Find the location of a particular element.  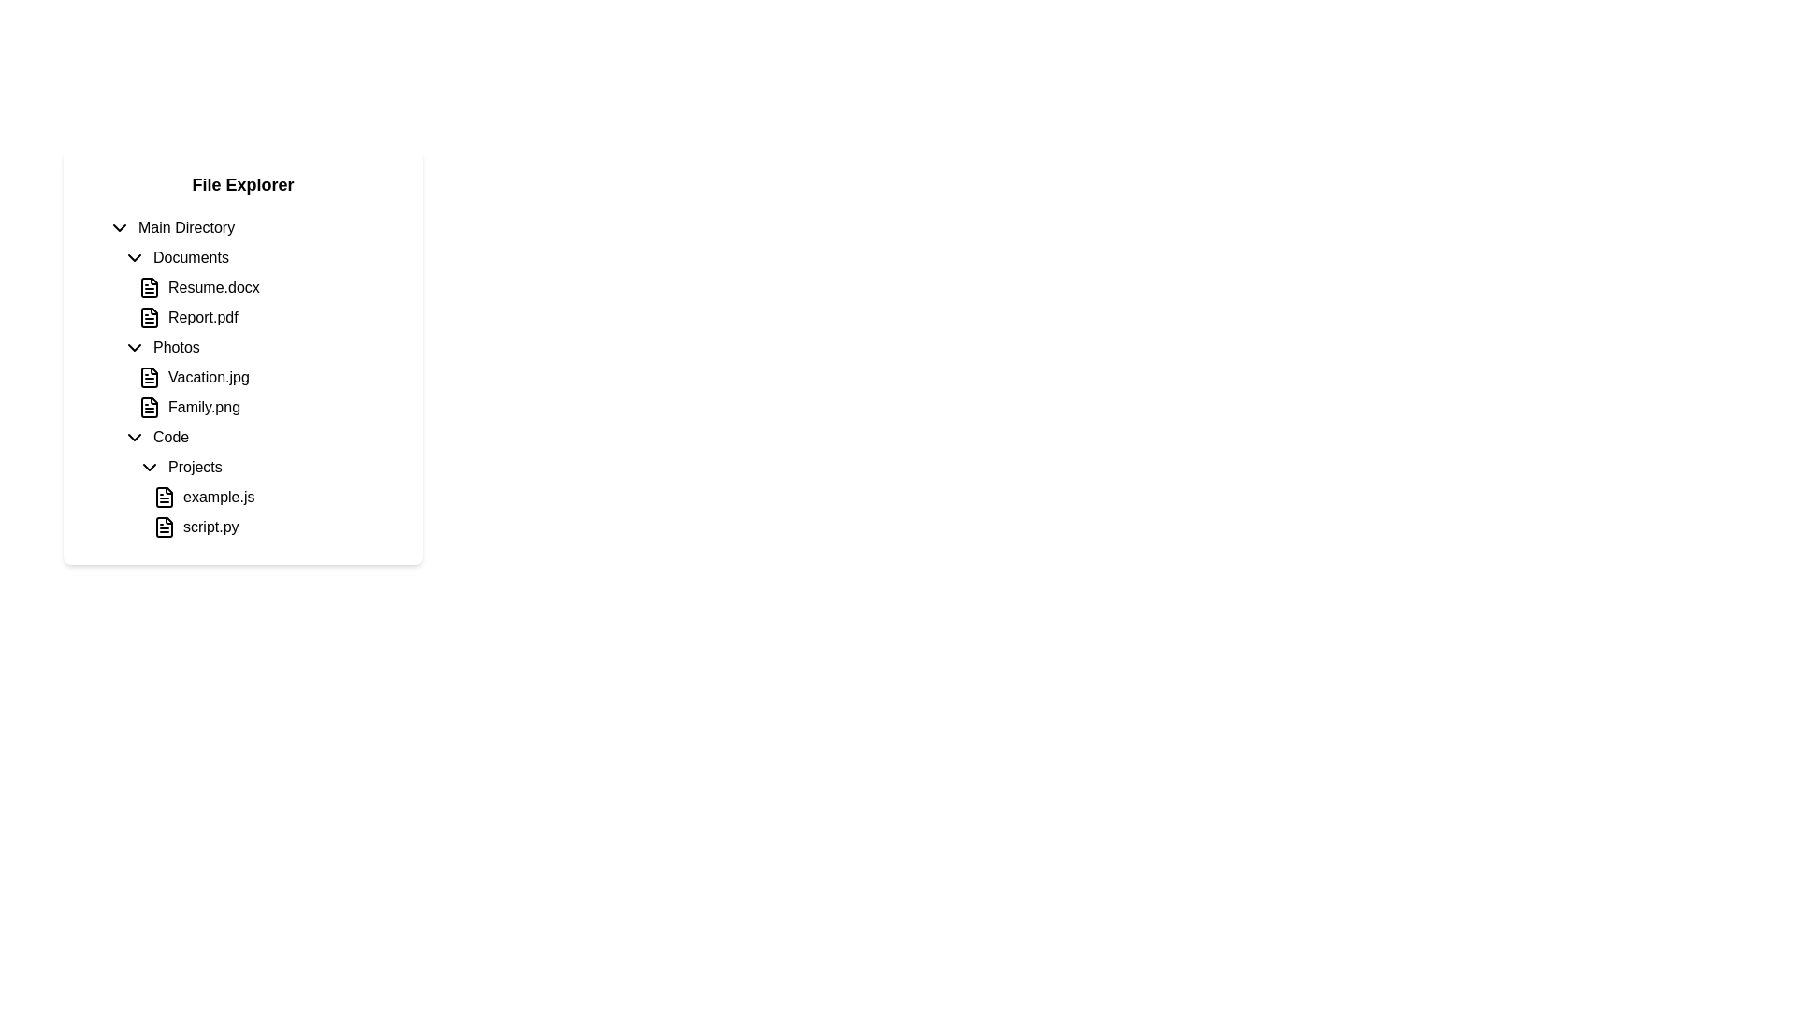

the document outline icon representing the 'Report.pdf' file in the file explorer interface is located at coordinates (148, 316).